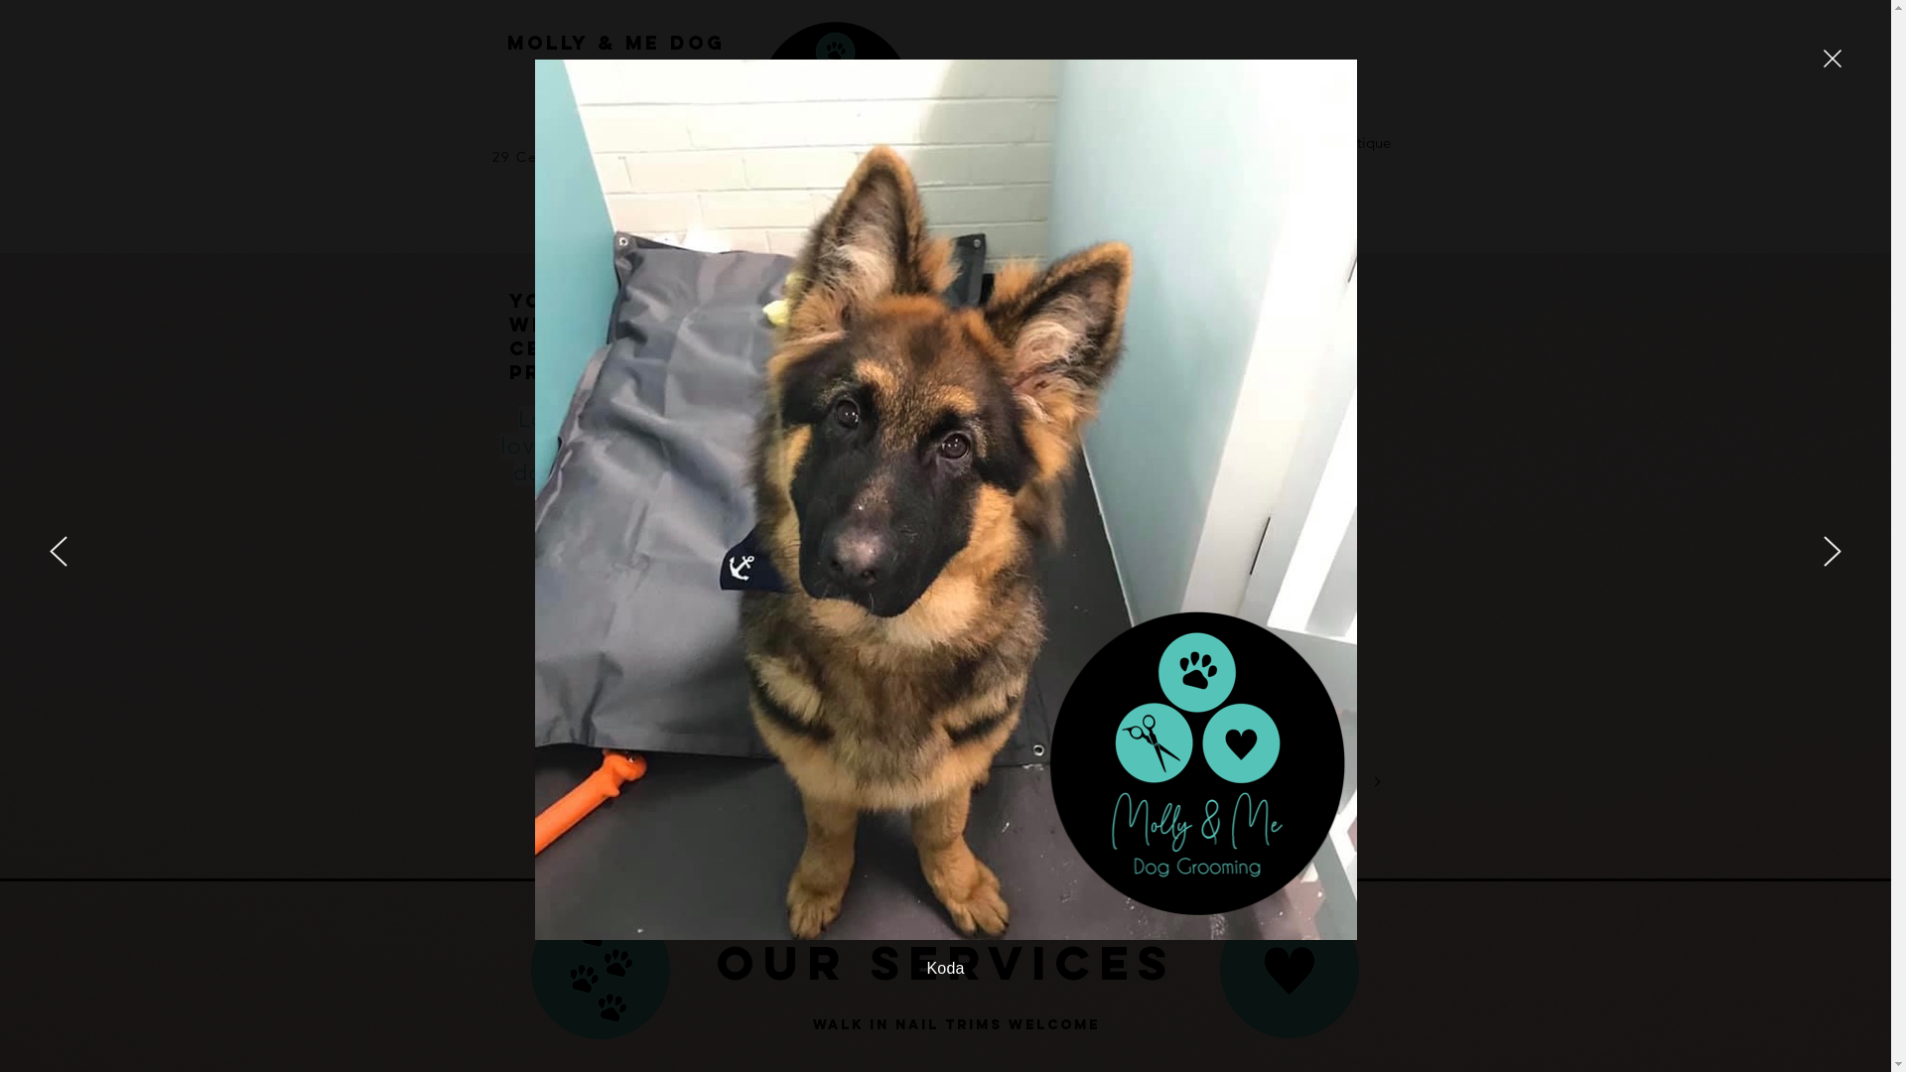 Image resolution: width=1906 pixels, height=1072 pixels. I want to click on 'About Us', so click(1072, 141).